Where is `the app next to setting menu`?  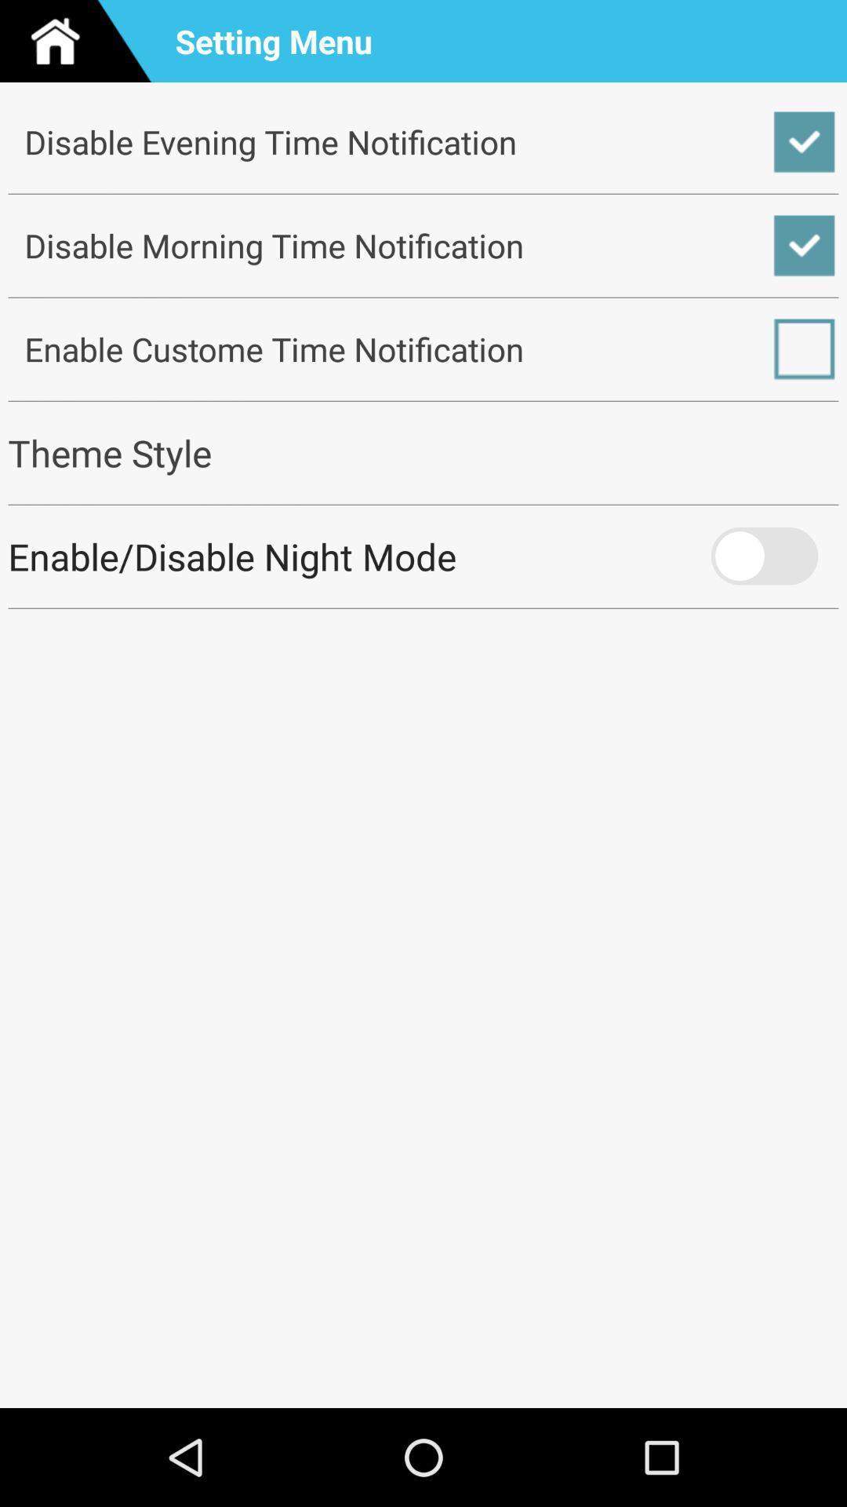 the app next to setting menu is located at coordinates (82, 41).